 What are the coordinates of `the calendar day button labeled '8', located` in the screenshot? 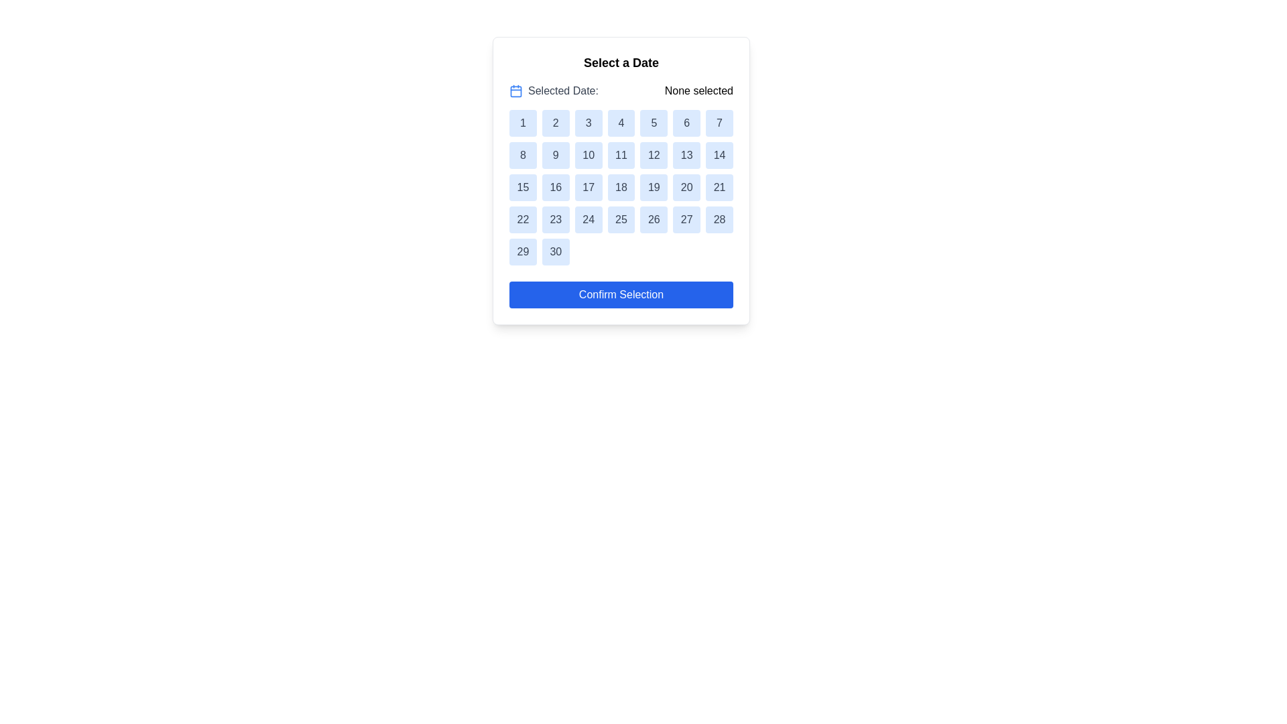 It's located at (522, 154).